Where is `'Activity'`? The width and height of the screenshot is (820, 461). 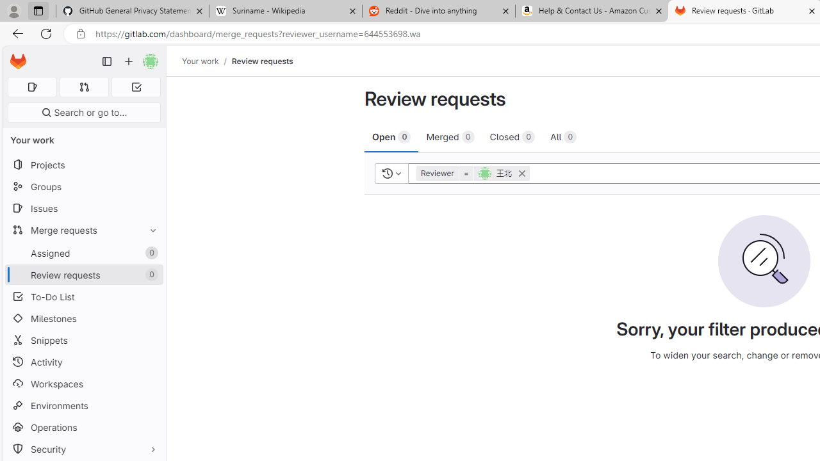
'Activity' is located at coordinates (83, 362).